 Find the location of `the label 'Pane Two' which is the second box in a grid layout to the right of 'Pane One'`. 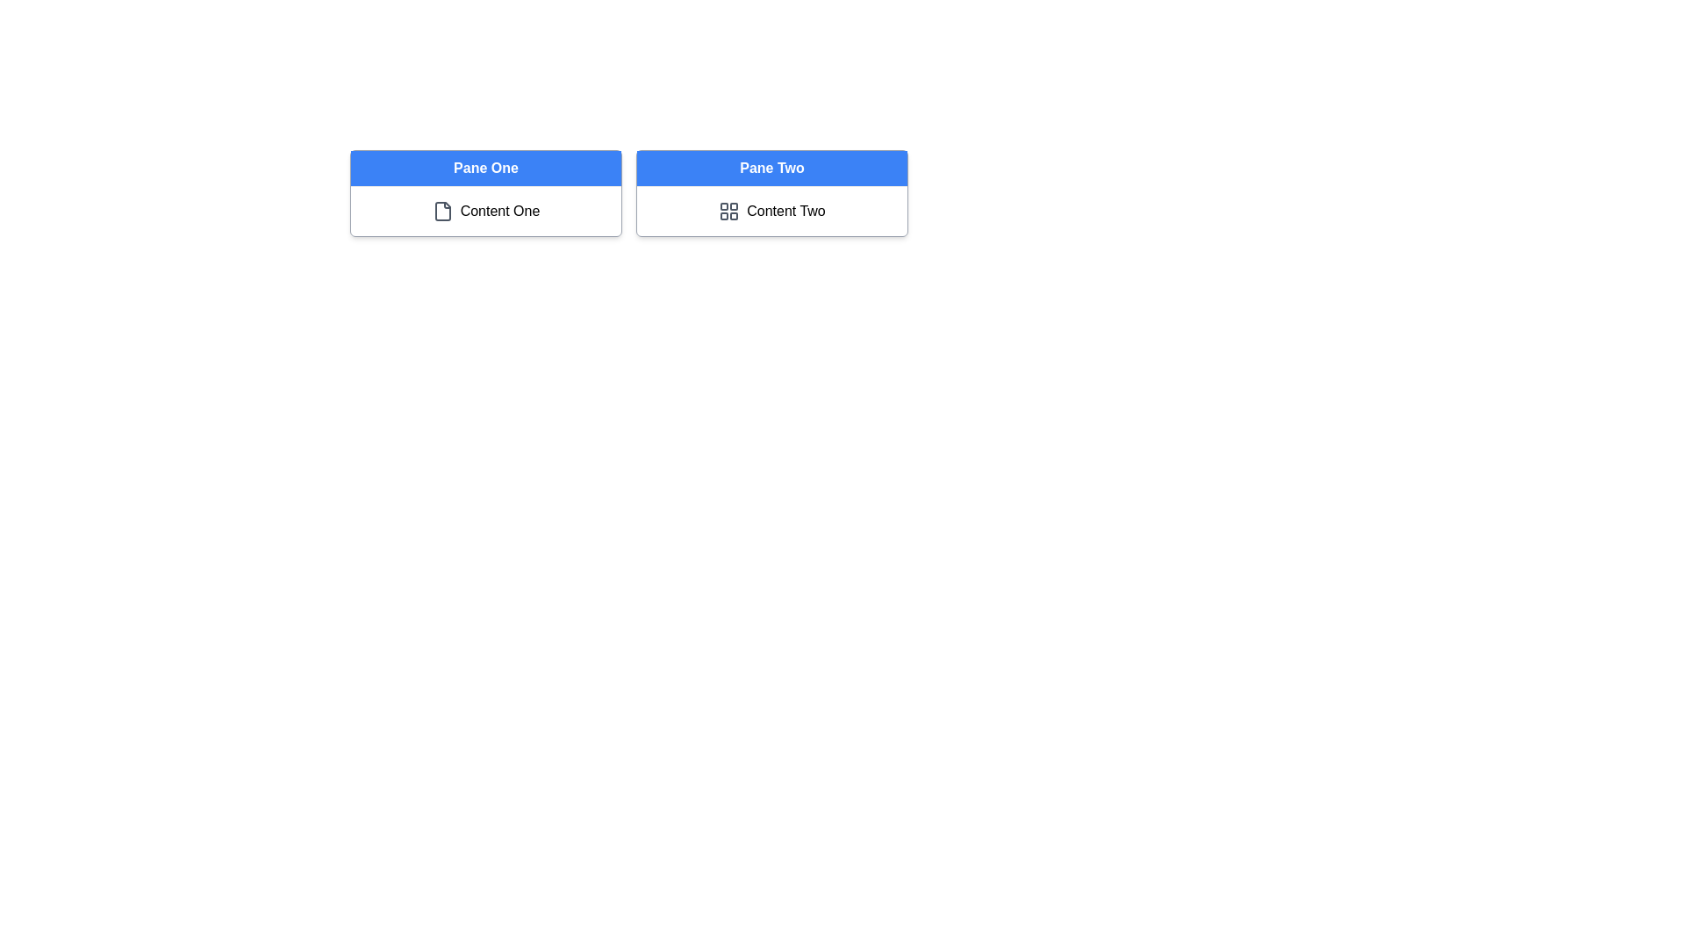

the label 'Pane Two' which is the second box in a grid layout to the right of 'Pane One' is located at coordinates (771, 193).